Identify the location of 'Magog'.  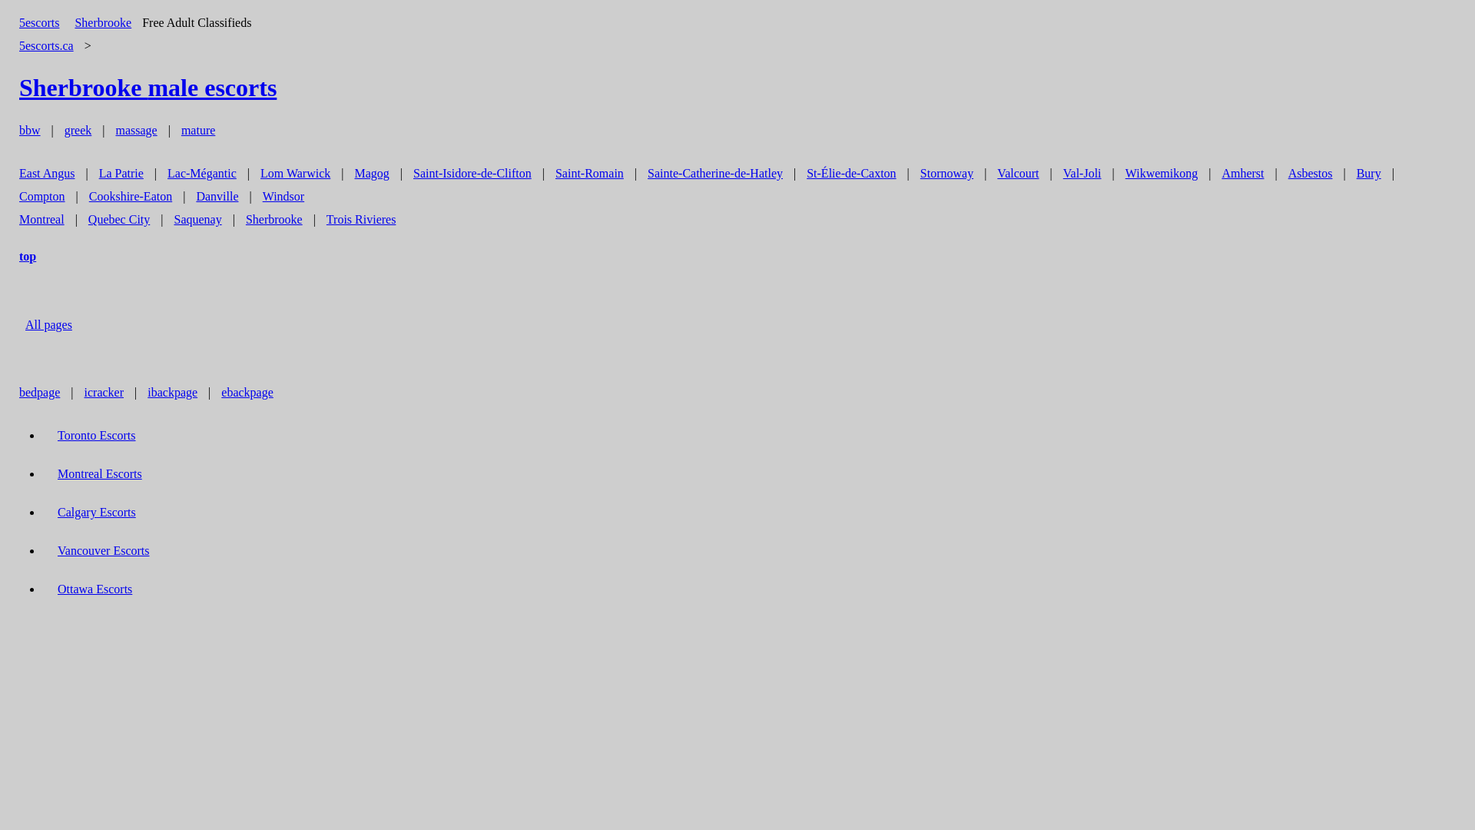
(371, 173).